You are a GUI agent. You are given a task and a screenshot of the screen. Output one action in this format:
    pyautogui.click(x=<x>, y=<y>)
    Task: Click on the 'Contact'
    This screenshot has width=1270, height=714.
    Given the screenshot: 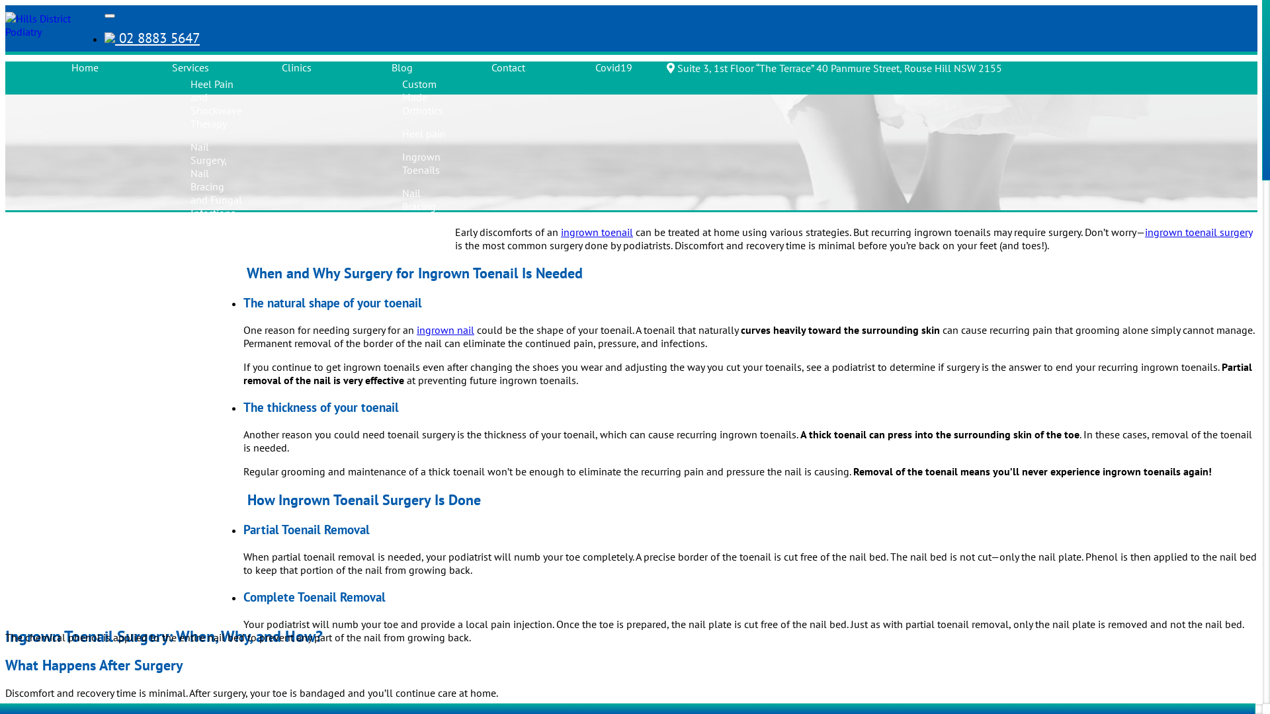 What is the action you would take?
    pyautogui.click(x=507, y=67)
    